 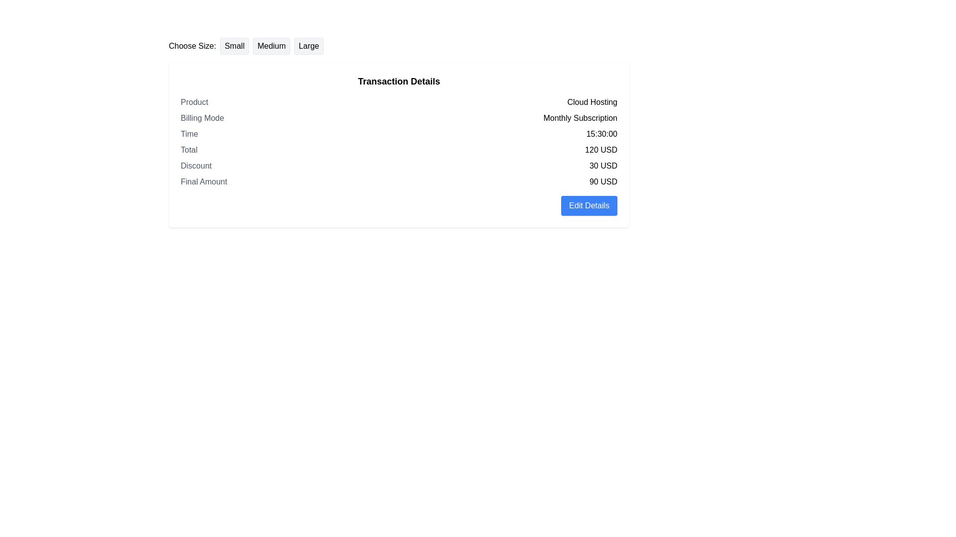 I want to click on the text element that displays the current time in 'HH:MM:SS' format, located to the right of the 'Time' label, so click(x=601, y=134).